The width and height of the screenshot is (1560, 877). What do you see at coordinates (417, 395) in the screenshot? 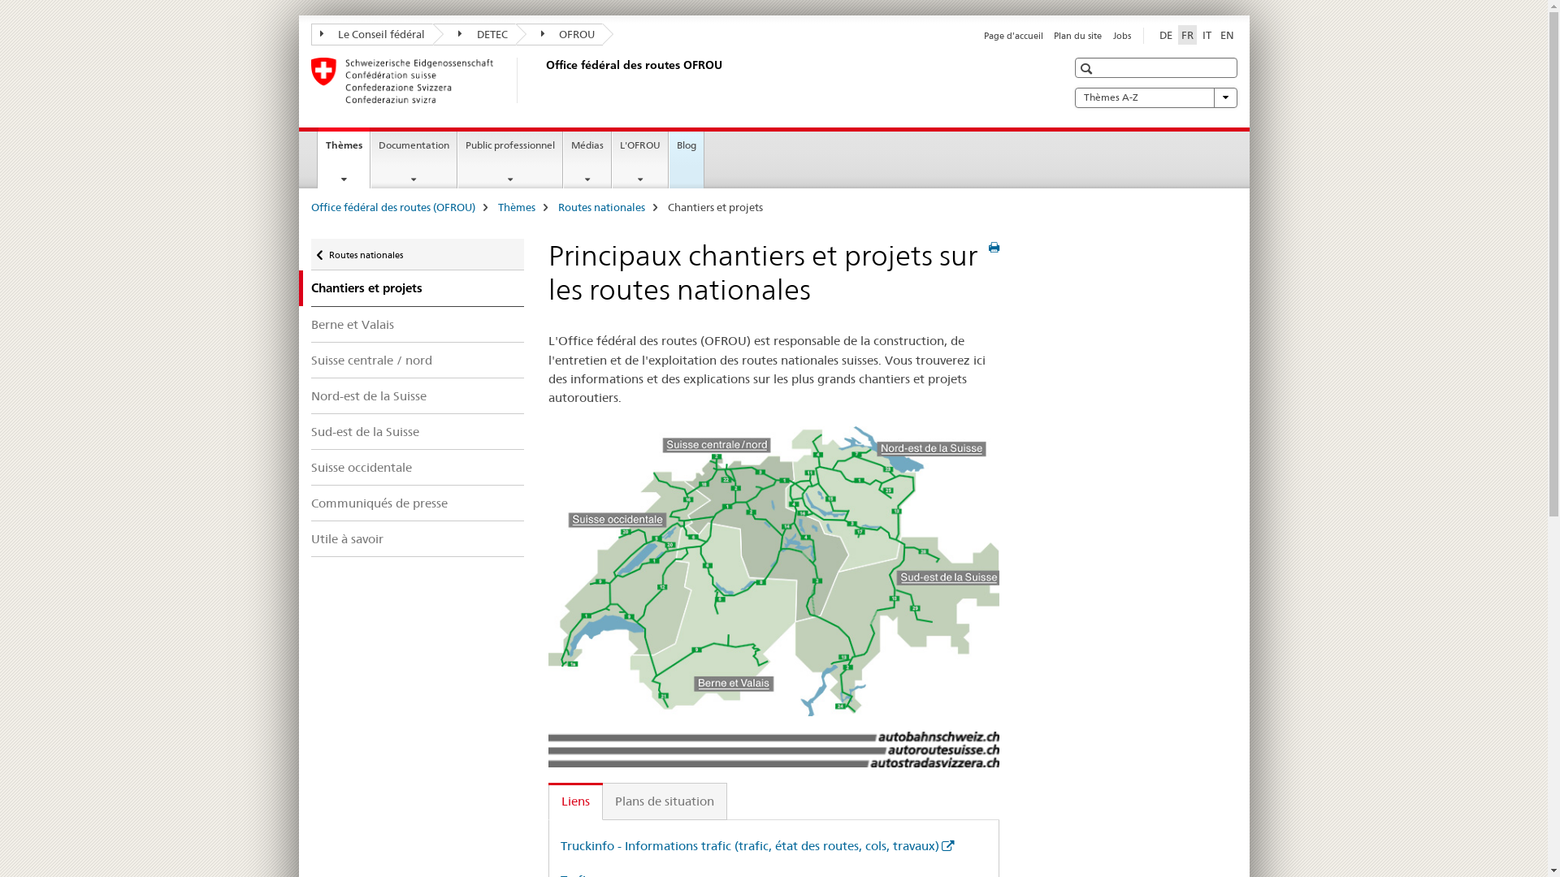
I see `'Nord-est de la Suisse'` at bounding box center [417, 395].